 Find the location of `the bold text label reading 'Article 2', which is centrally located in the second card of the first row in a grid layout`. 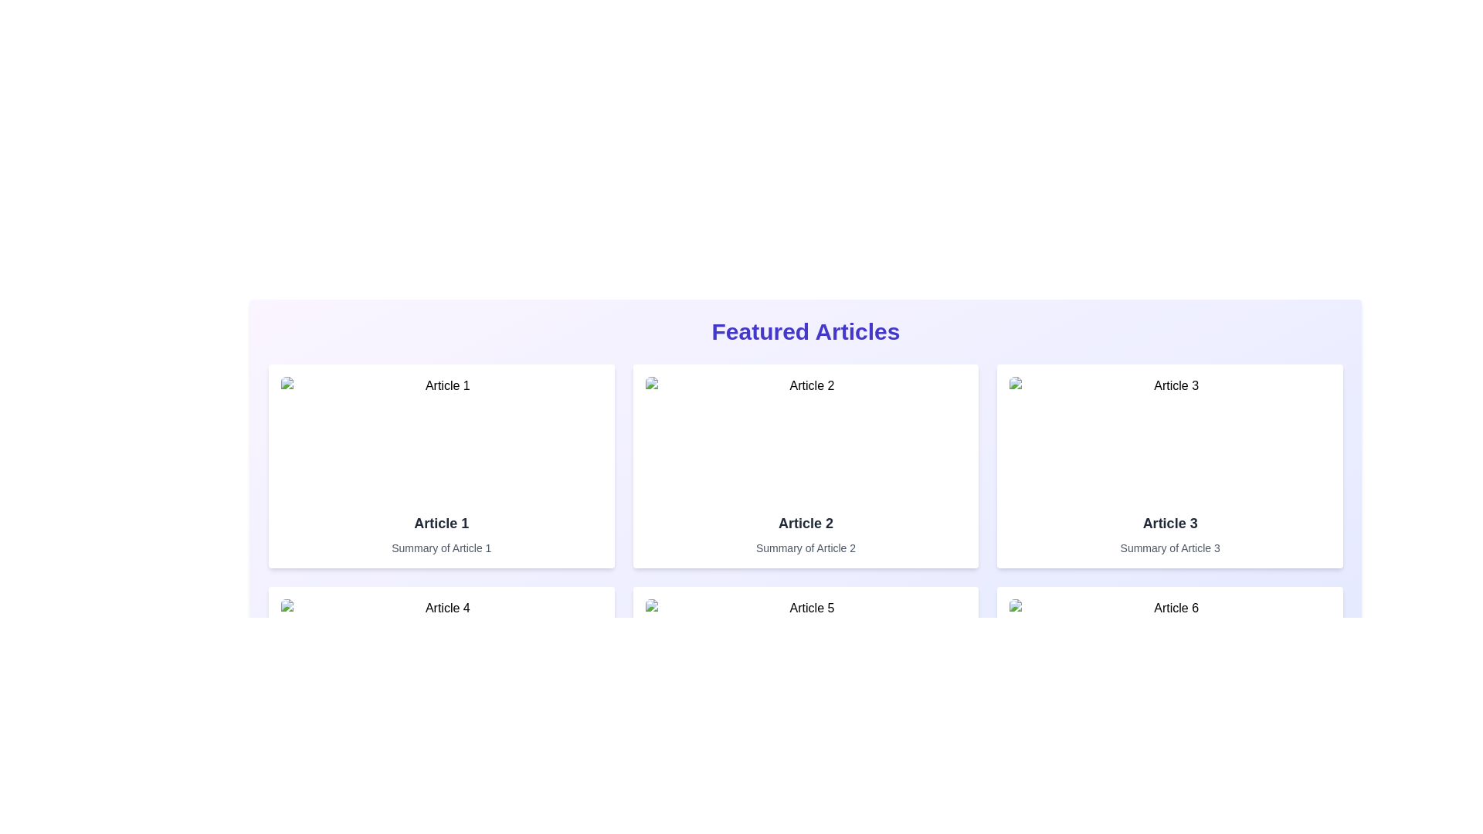

the bold text label reading 'Article 2', which is centrally located in the second card of the first row in a grid layout is located at coordinates (805, 523).